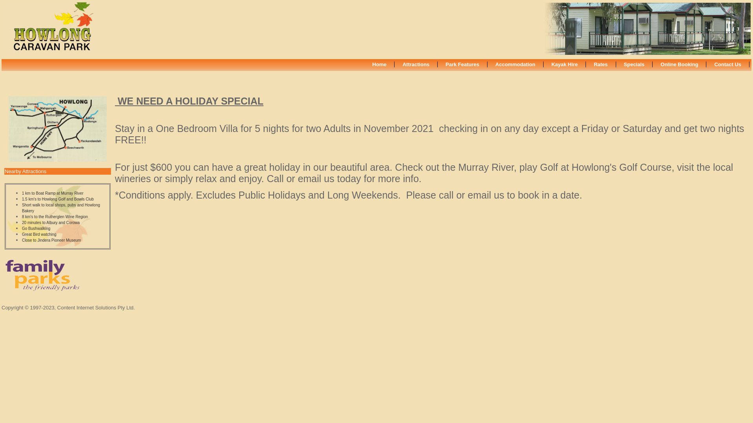  What do you see at coordinates (379, 64) in the screenshot?
I see `'Home'` at bounding box center [379, 64].